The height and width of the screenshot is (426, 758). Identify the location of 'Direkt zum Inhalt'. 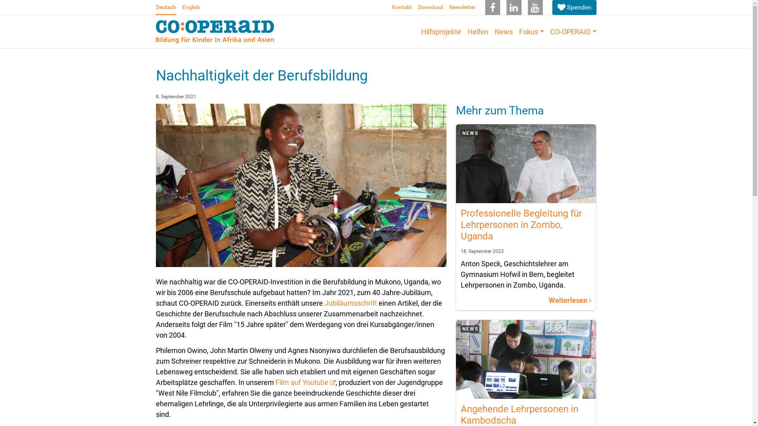
(0, 0).